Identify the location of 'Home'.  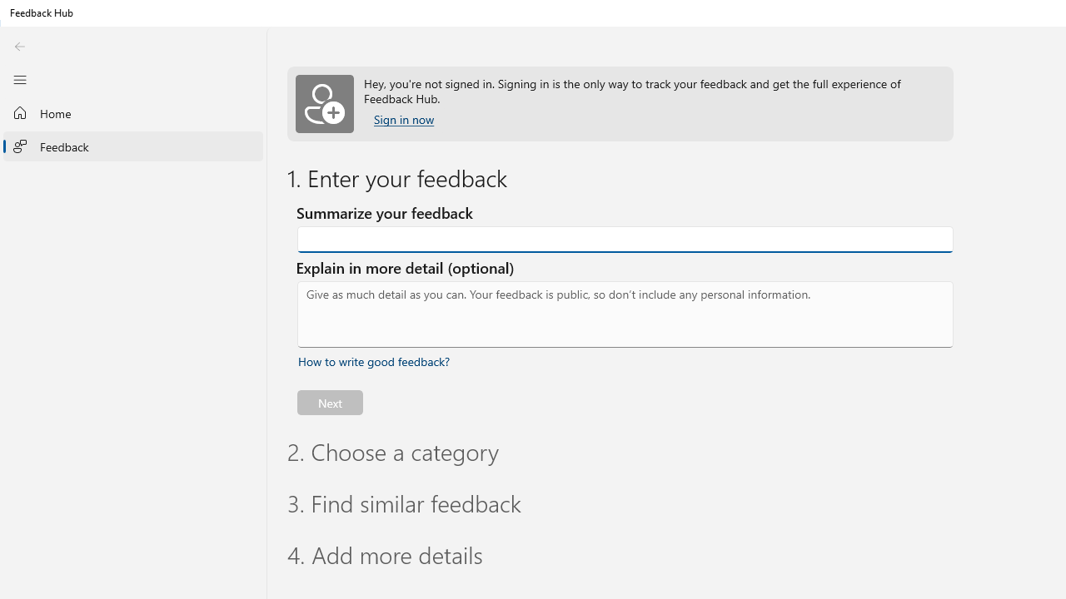
(133, 112).